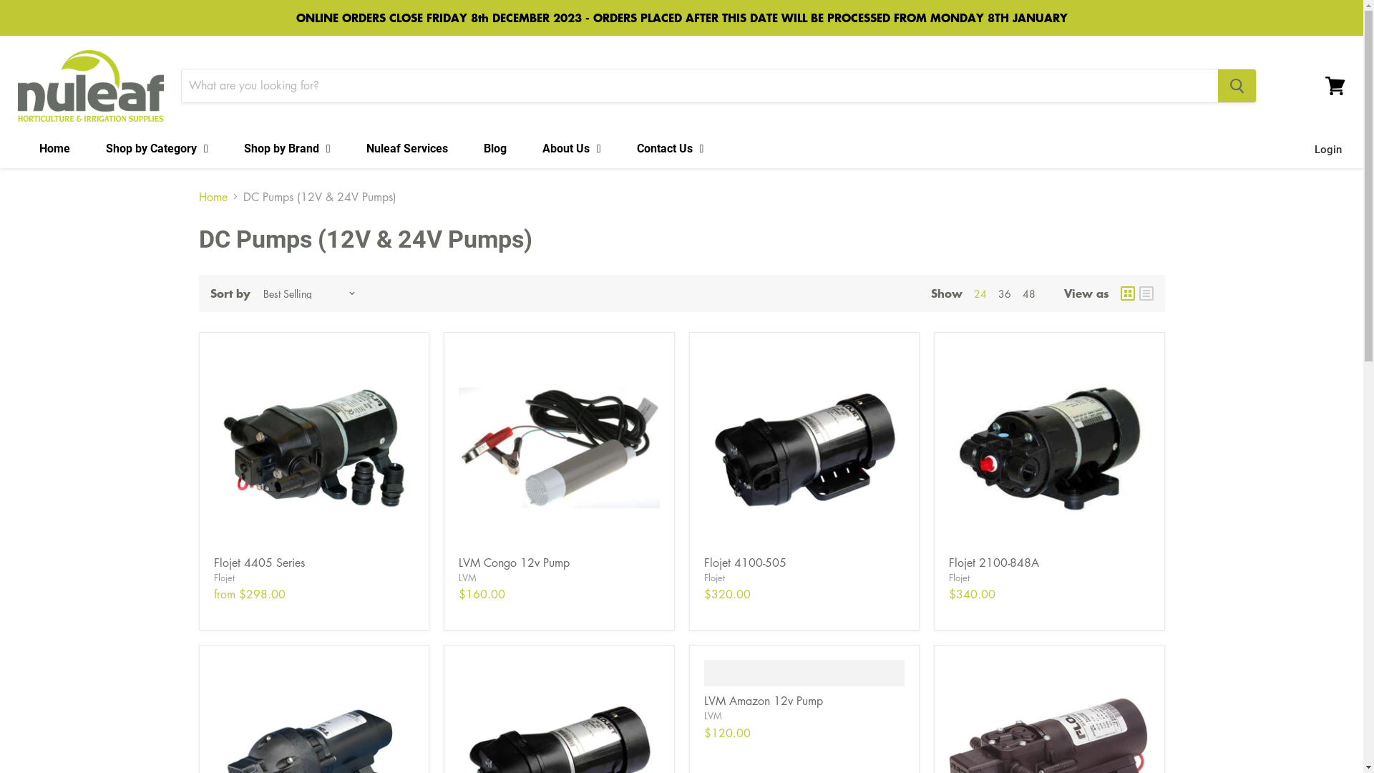  I want to click on 'About Us', so click(567, 148).